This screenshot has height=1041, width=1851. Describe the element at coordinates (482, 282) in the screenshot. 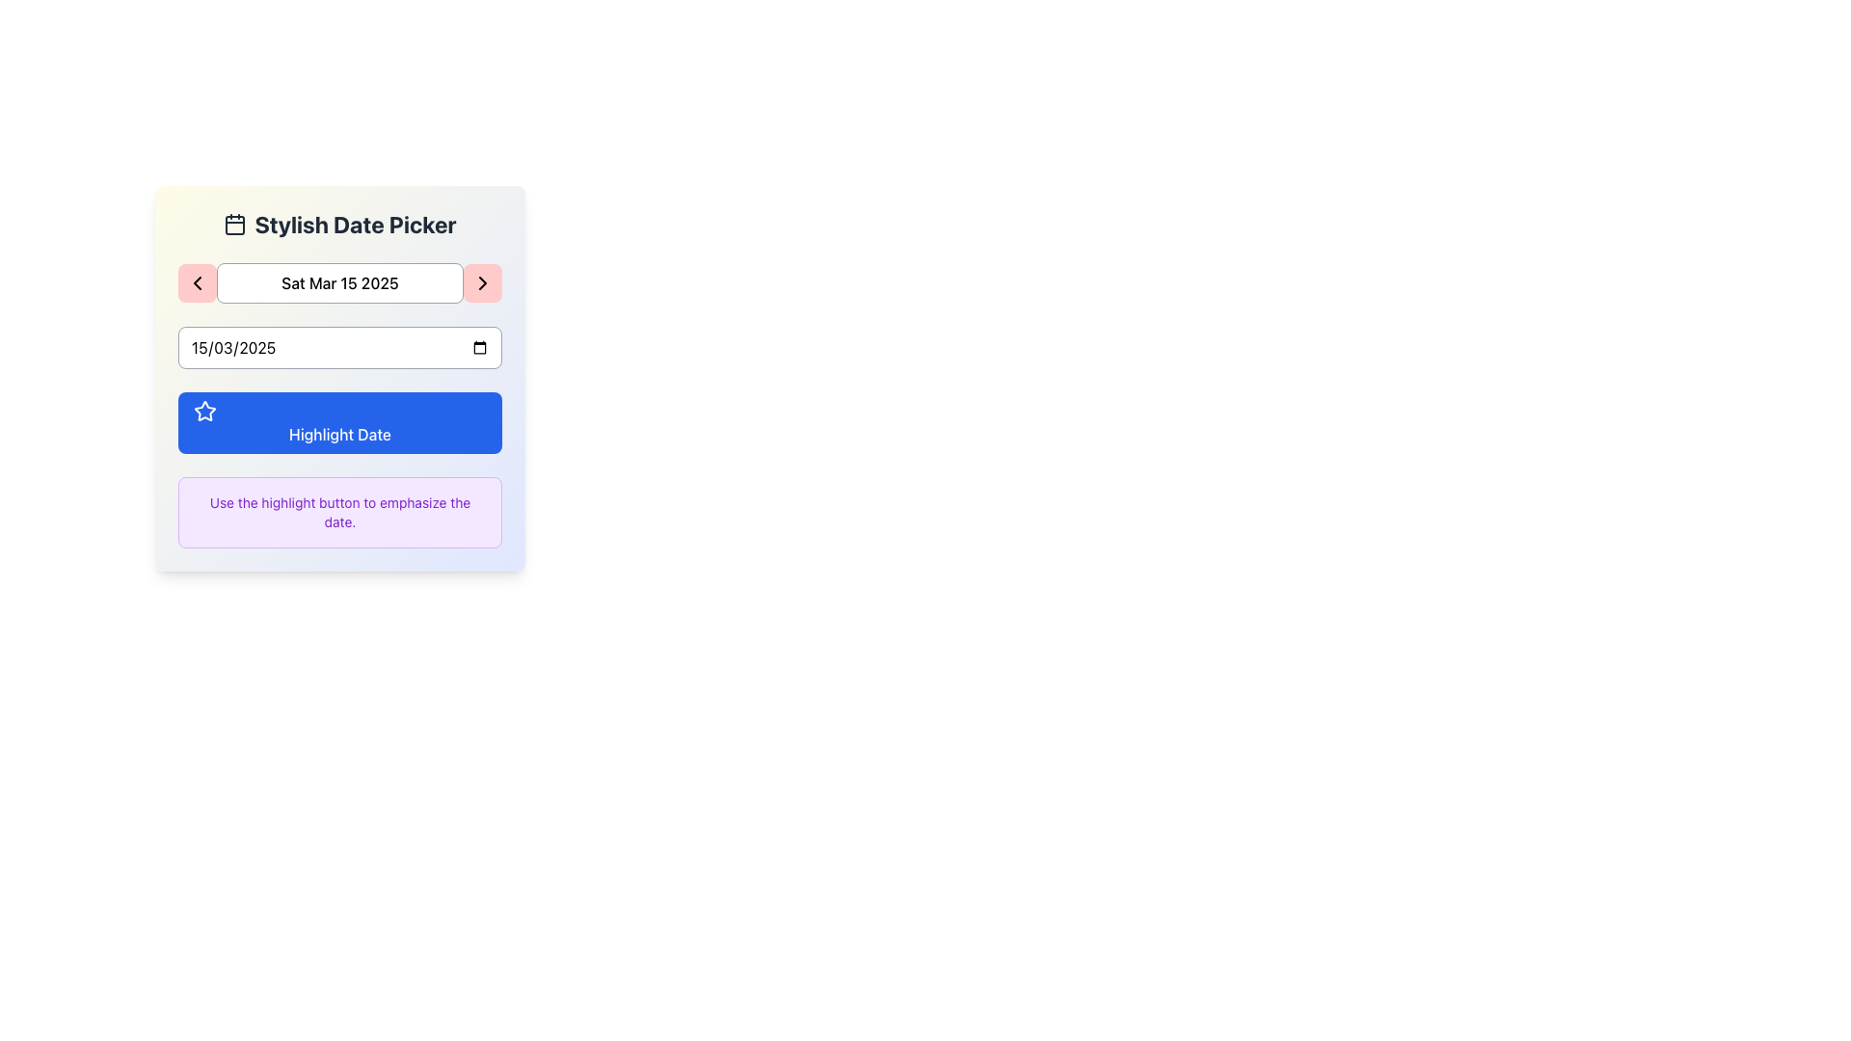

I see `the icon within the pink button to advance the date shown in the adjacent field to the next date` at that location.